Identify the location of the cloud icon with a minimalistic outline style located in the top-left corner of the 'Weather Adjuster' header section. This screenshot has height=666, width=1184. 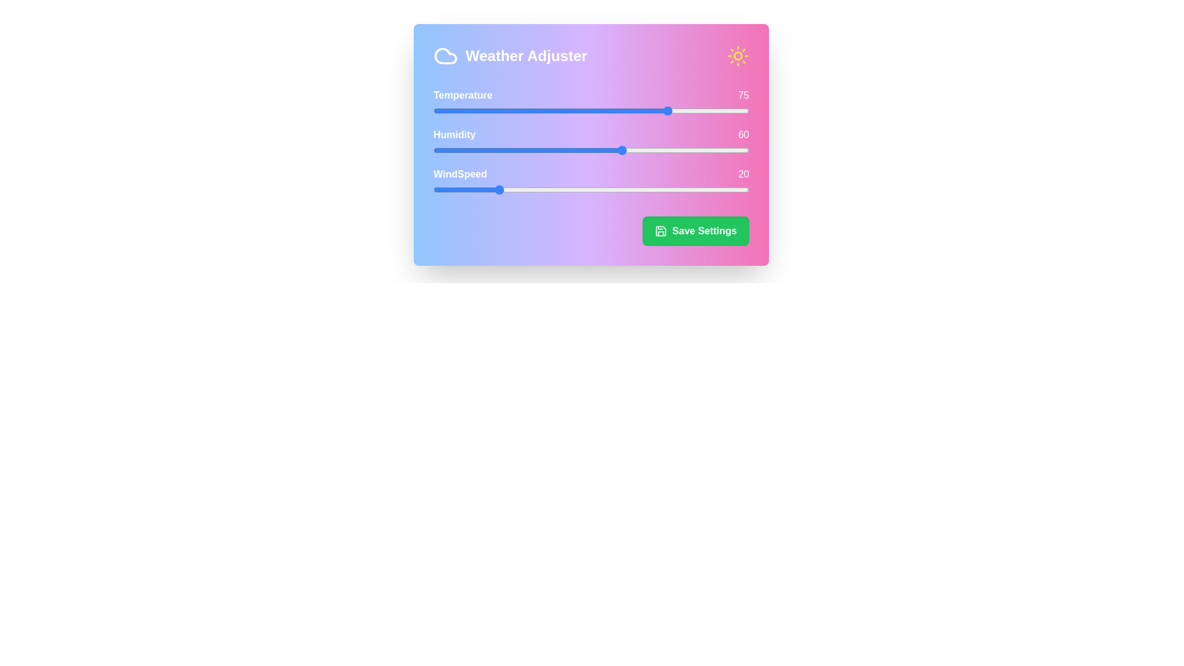
(445, 56).